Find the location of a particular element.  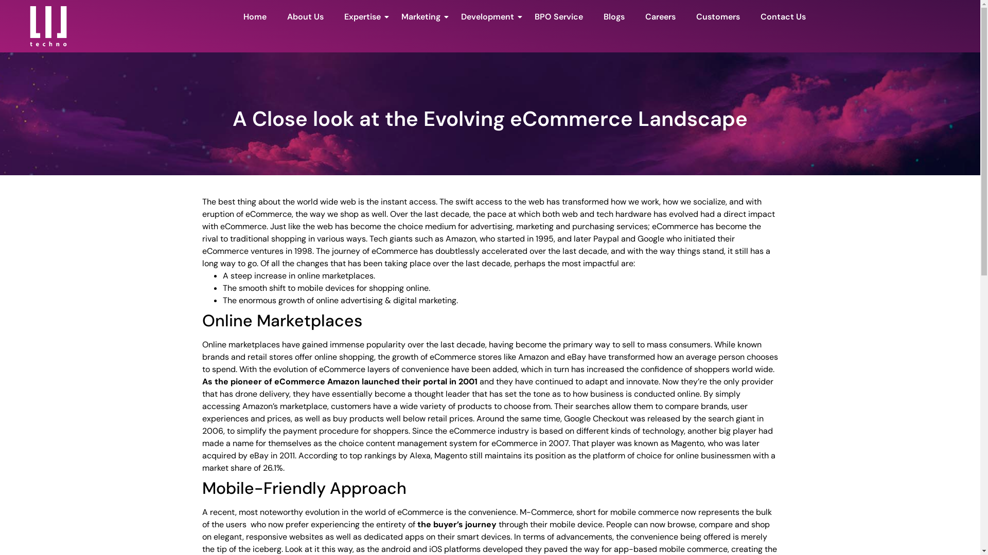

'Home' is located at coordinates (237, 17).